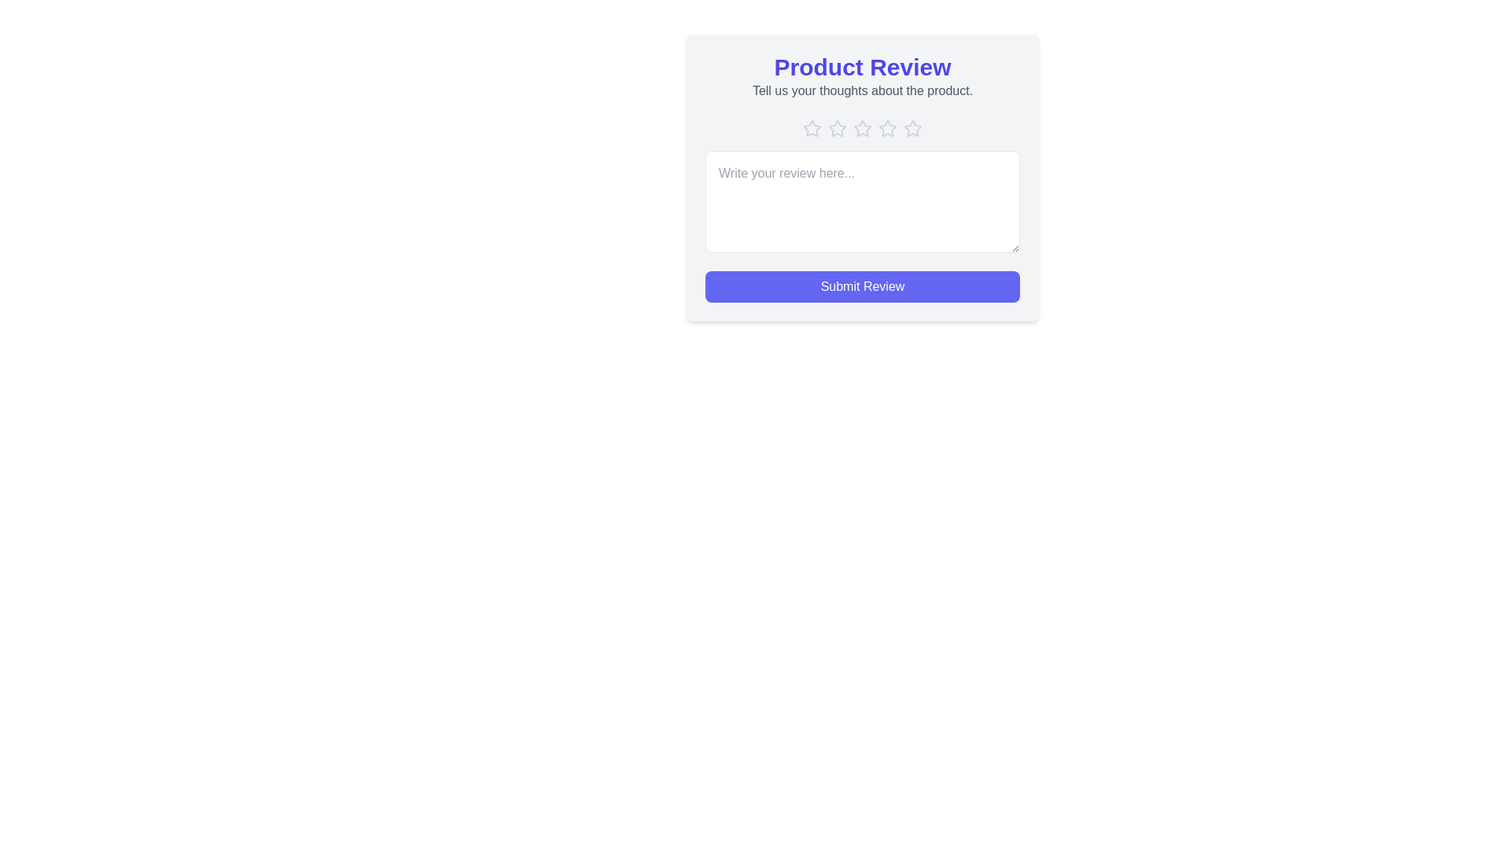  I want to click on the third star icon in the rating system, so click(862, 128).